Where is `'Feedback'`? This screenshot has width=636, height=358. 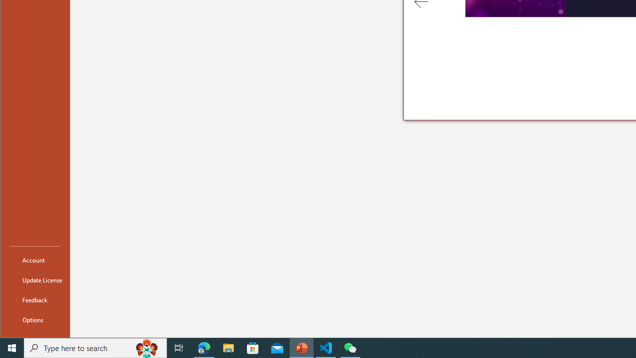 'Feedback' is located at coordinates (35, 299).